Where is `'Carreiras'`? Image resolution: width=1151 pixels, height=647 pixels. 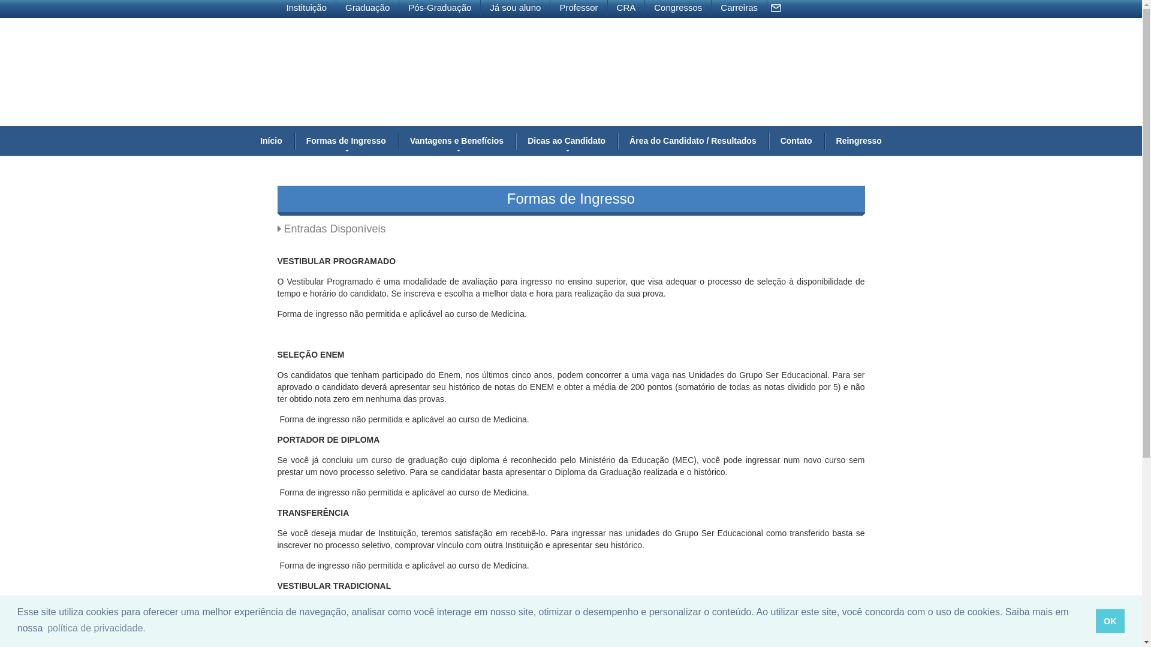
'Carreiras' is located at coordinates (739, 7).